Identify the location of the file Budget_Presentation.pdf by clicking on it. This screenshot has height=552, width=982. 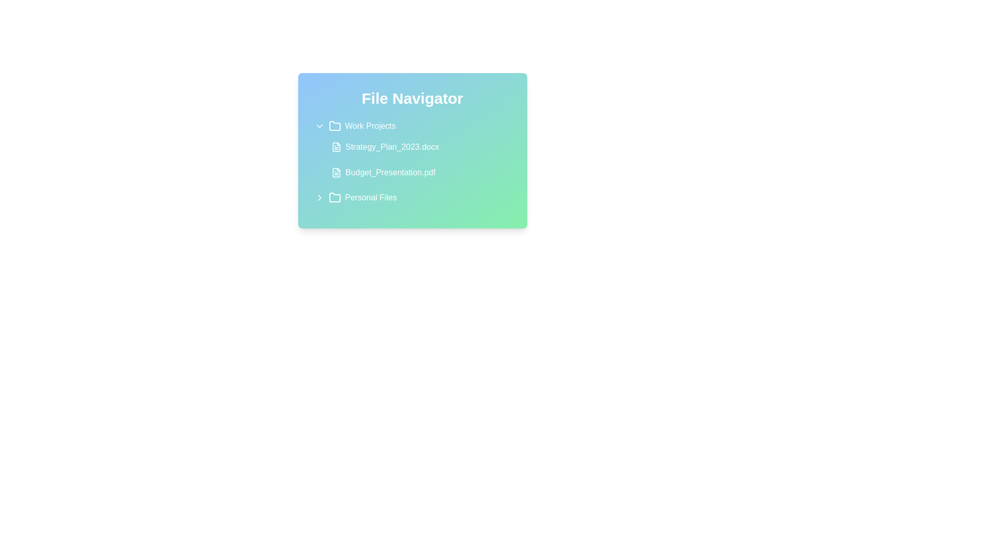
(418, 172).